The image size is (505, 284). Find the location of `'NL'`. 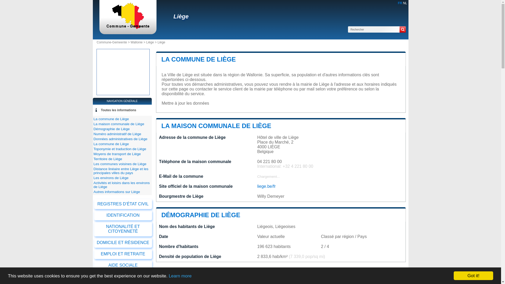

'NL' is located at coordinates (402, 3).